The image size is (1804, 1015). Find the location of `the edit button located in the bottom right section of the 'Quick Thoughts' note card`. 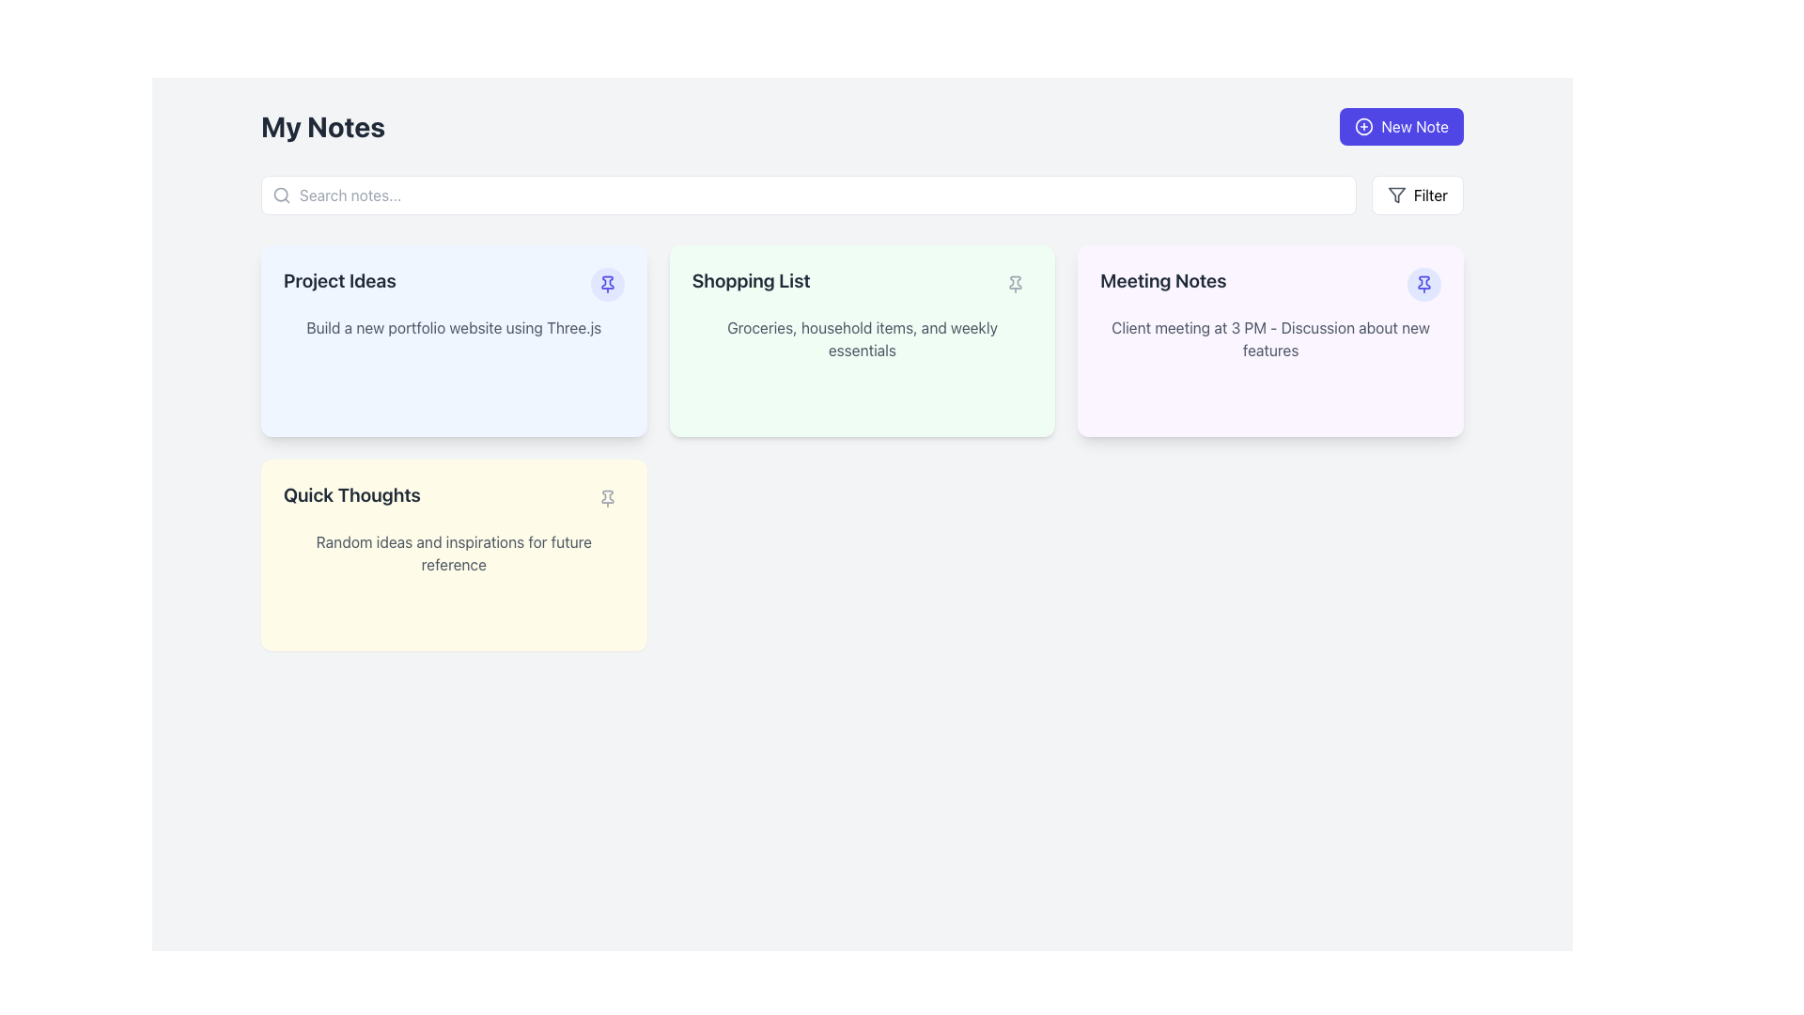

the edit button located in the bottom right section of the 'Quick Thoughts' note card is located at coordinates (570, 613).